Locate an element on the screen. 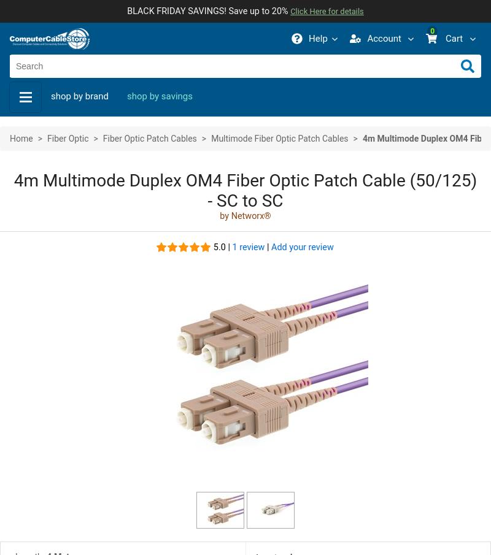 The height and width of the screenshot is (555, 491). '0' is located at coordinates (431, 31).